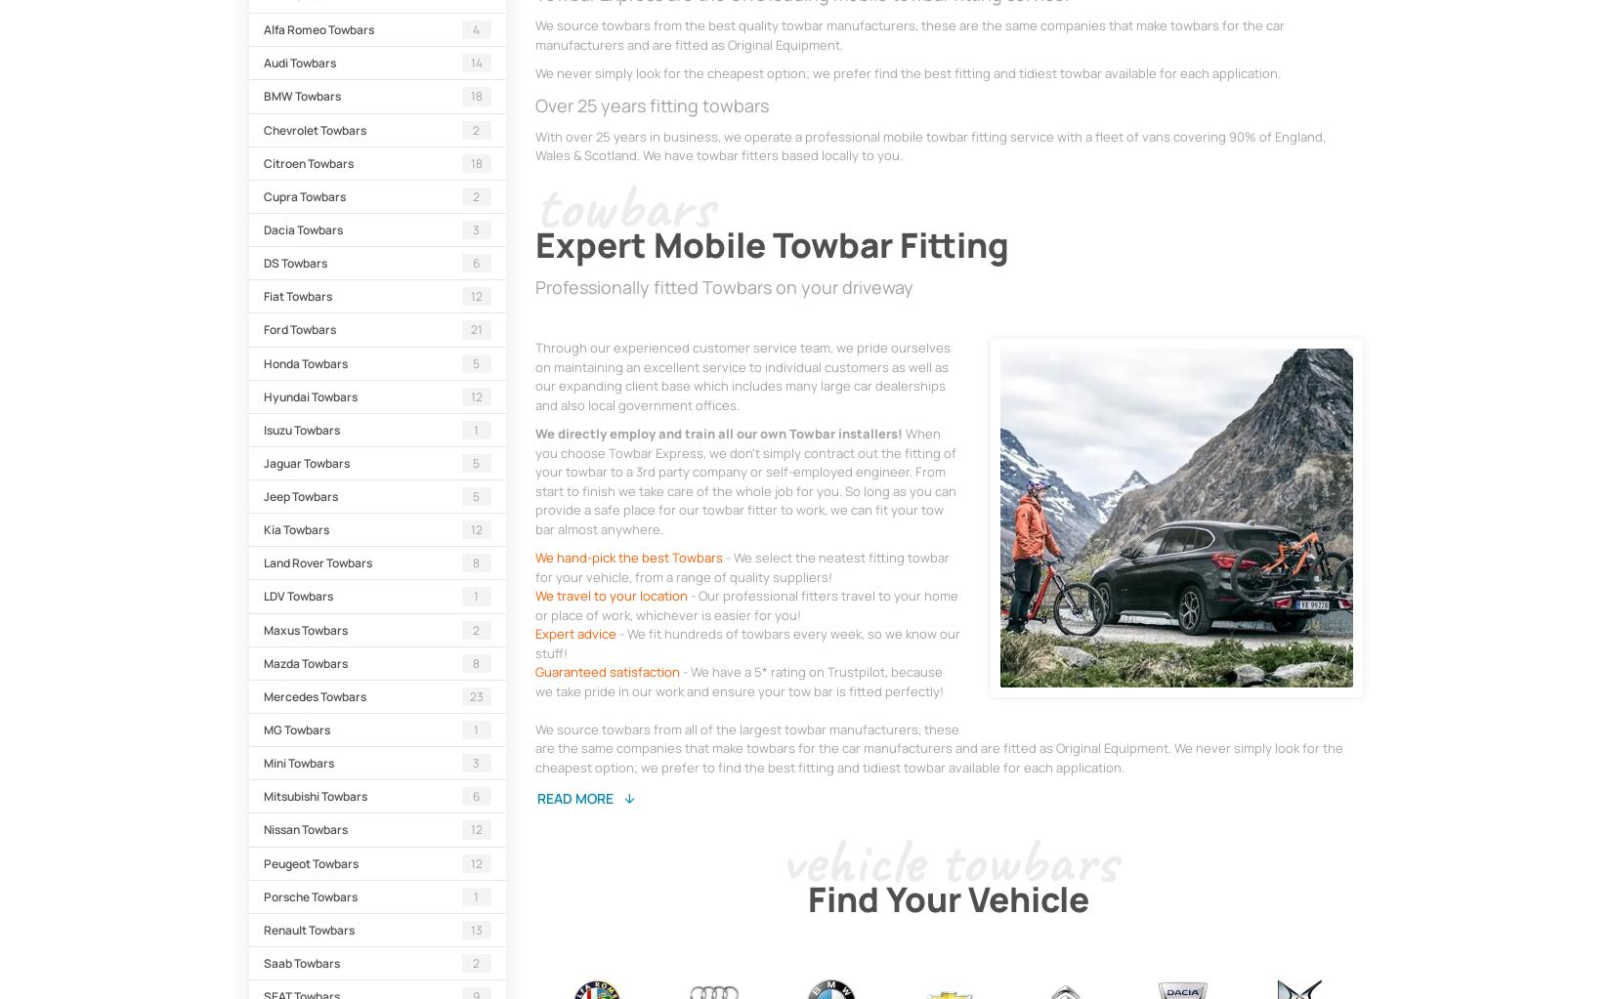  Describe the element at coordinates (300, 329) in the screenshot. I see `'Ford Towbars'` at that location.